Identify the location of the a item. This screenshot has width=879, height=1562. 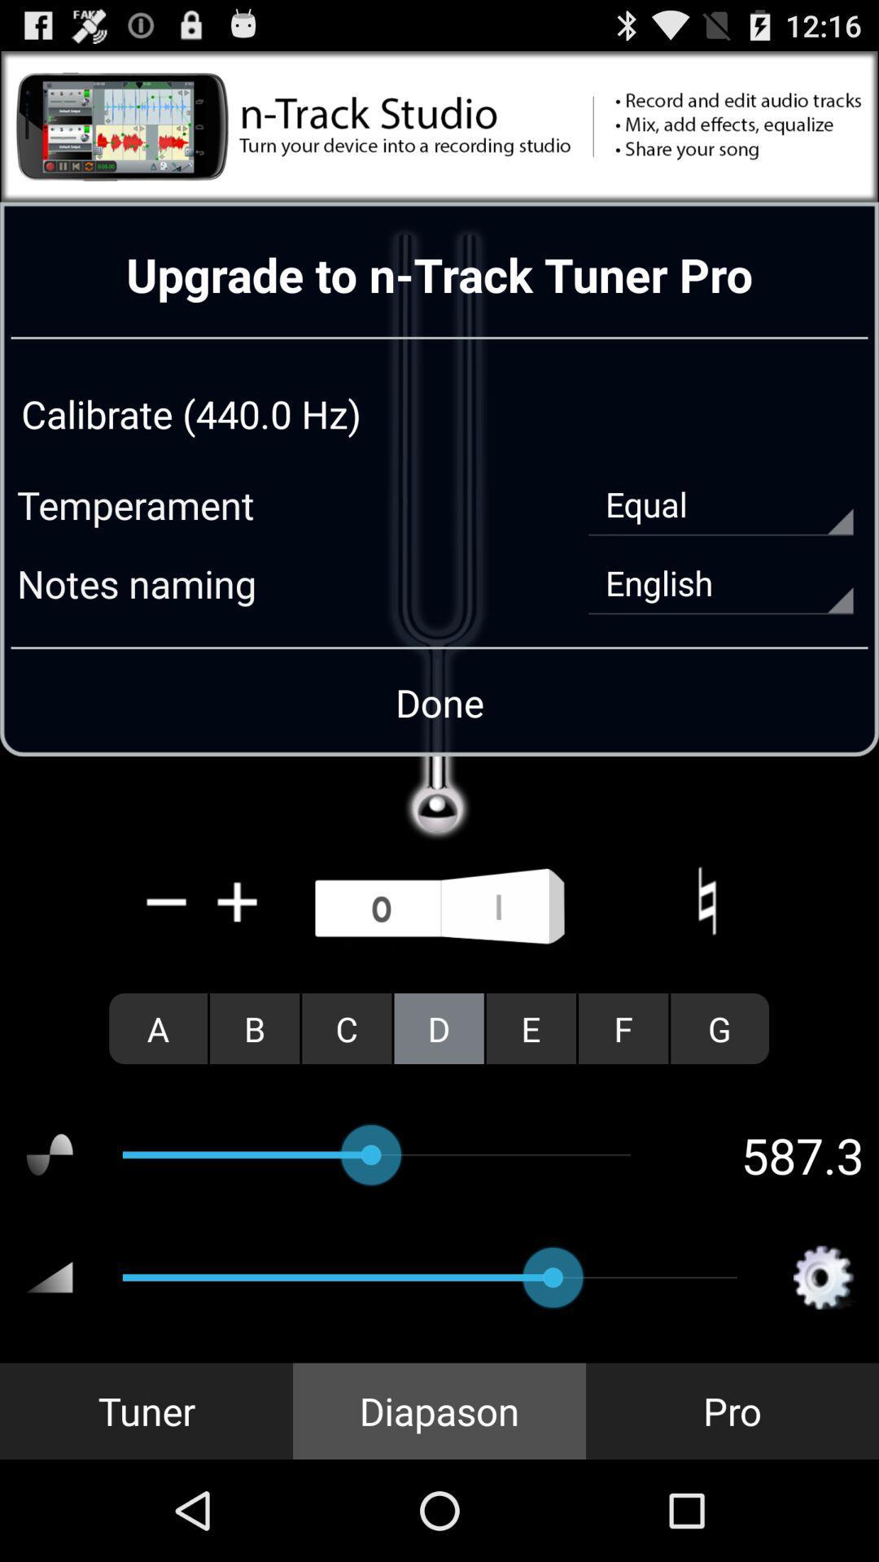
(158, 1028).